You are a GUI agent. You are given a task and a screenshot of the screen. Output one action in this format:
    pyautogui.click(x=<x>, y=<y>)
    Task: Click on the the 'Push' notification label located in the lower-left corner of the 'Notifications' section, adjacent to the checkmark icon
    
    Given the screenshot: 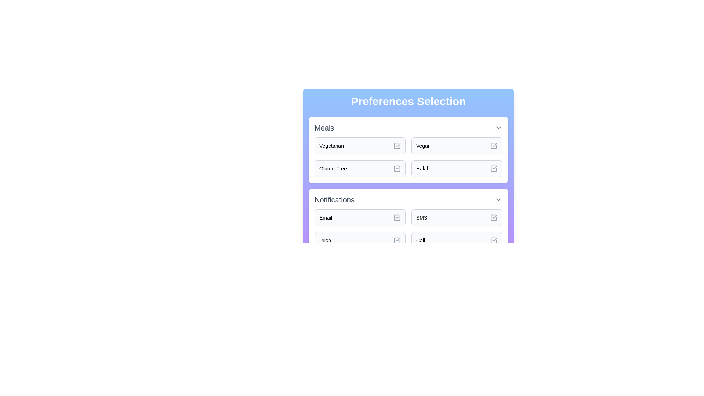 What is the action you would take?
    pyautogui.click(x=325, y=240)
    